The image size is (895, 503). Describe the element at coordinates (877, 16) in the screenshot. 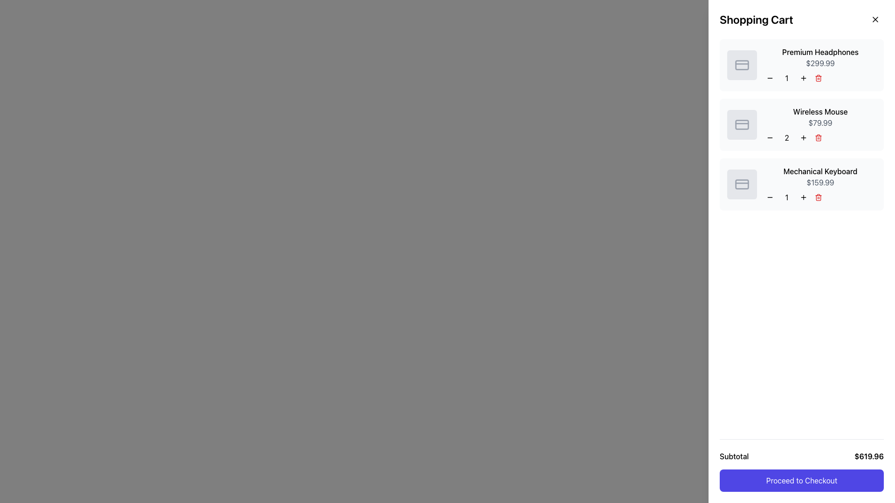

I see `the shopping cart button located in the top-right corner of the interface` at that location.